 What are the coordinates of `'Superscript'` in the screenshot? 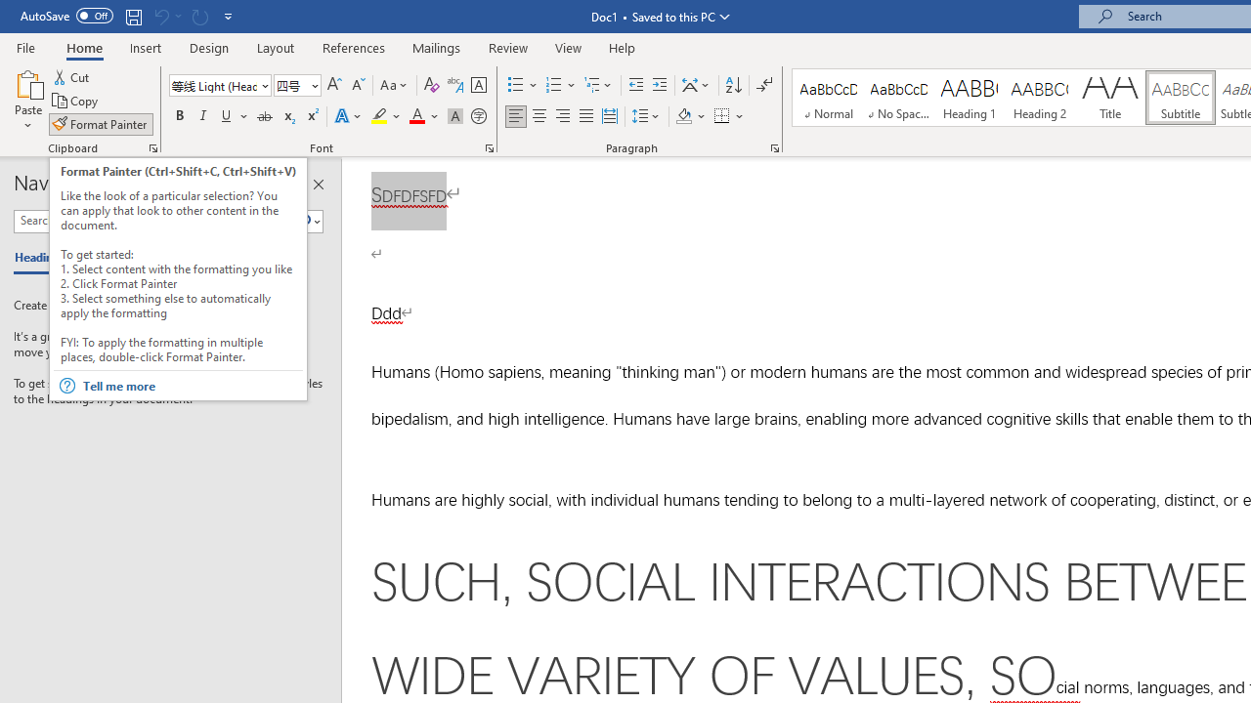 It's located at (311, 116).